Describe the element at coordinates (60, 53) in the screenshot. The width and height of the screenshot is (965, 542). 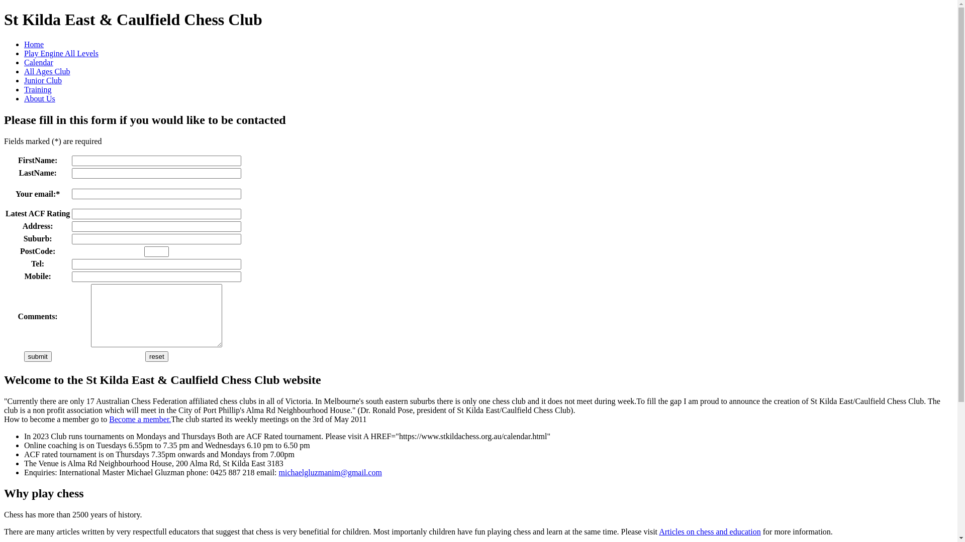
I see `'Play Engine All Levels'` at that location.